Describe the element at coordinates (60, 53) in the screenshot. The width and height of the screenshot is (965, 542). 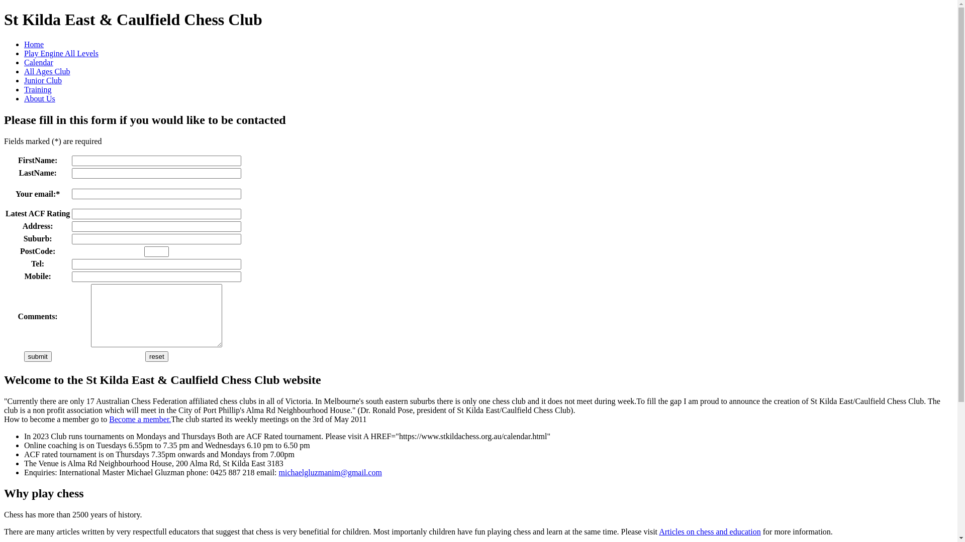
I see `'Play Engine All Levels'` at that location.